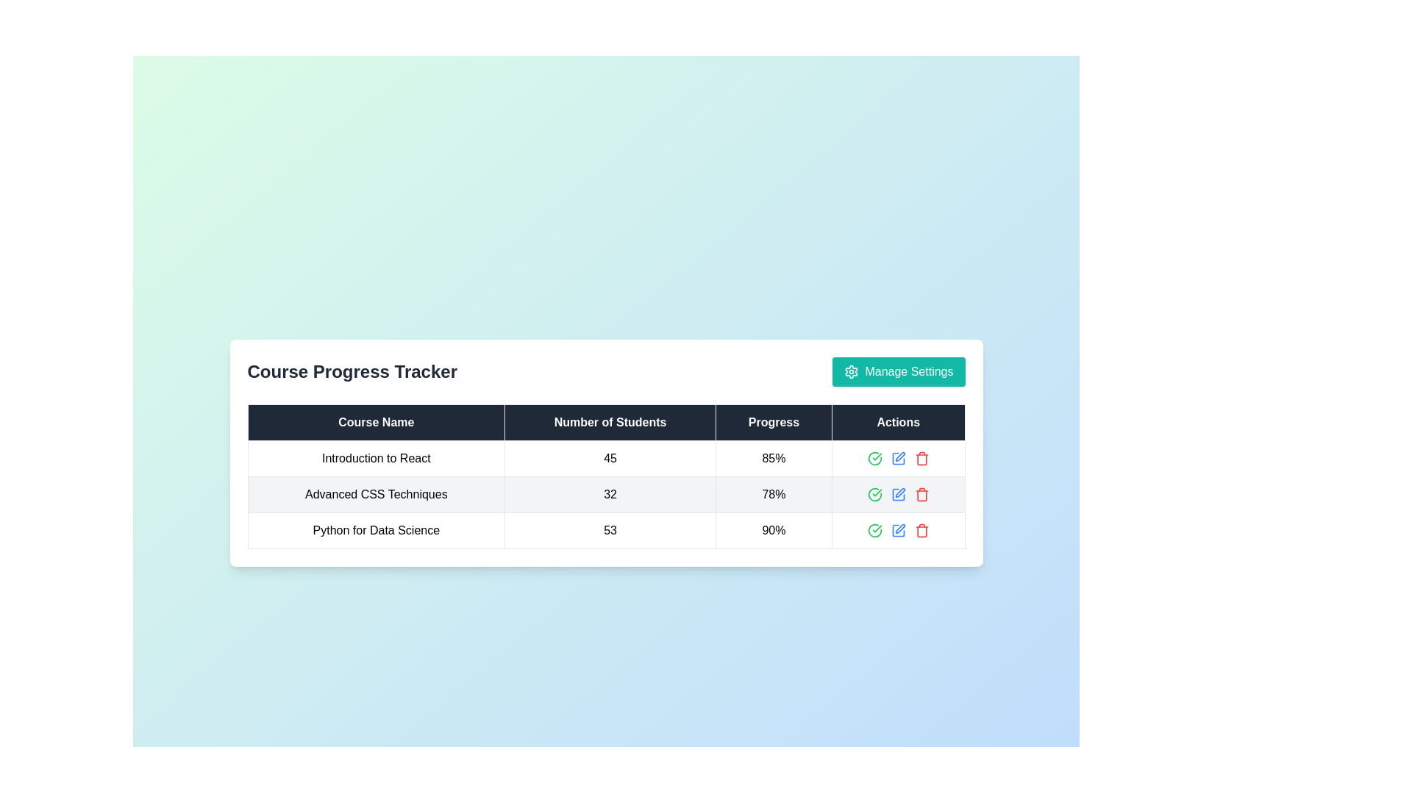 The image size is (1412, 794). Describe the element at coordinates (852, 371) in the screenshot. I see `the decorative icon associated with the 'Manage Settings' button, located near the top right of the teal button` at that location.